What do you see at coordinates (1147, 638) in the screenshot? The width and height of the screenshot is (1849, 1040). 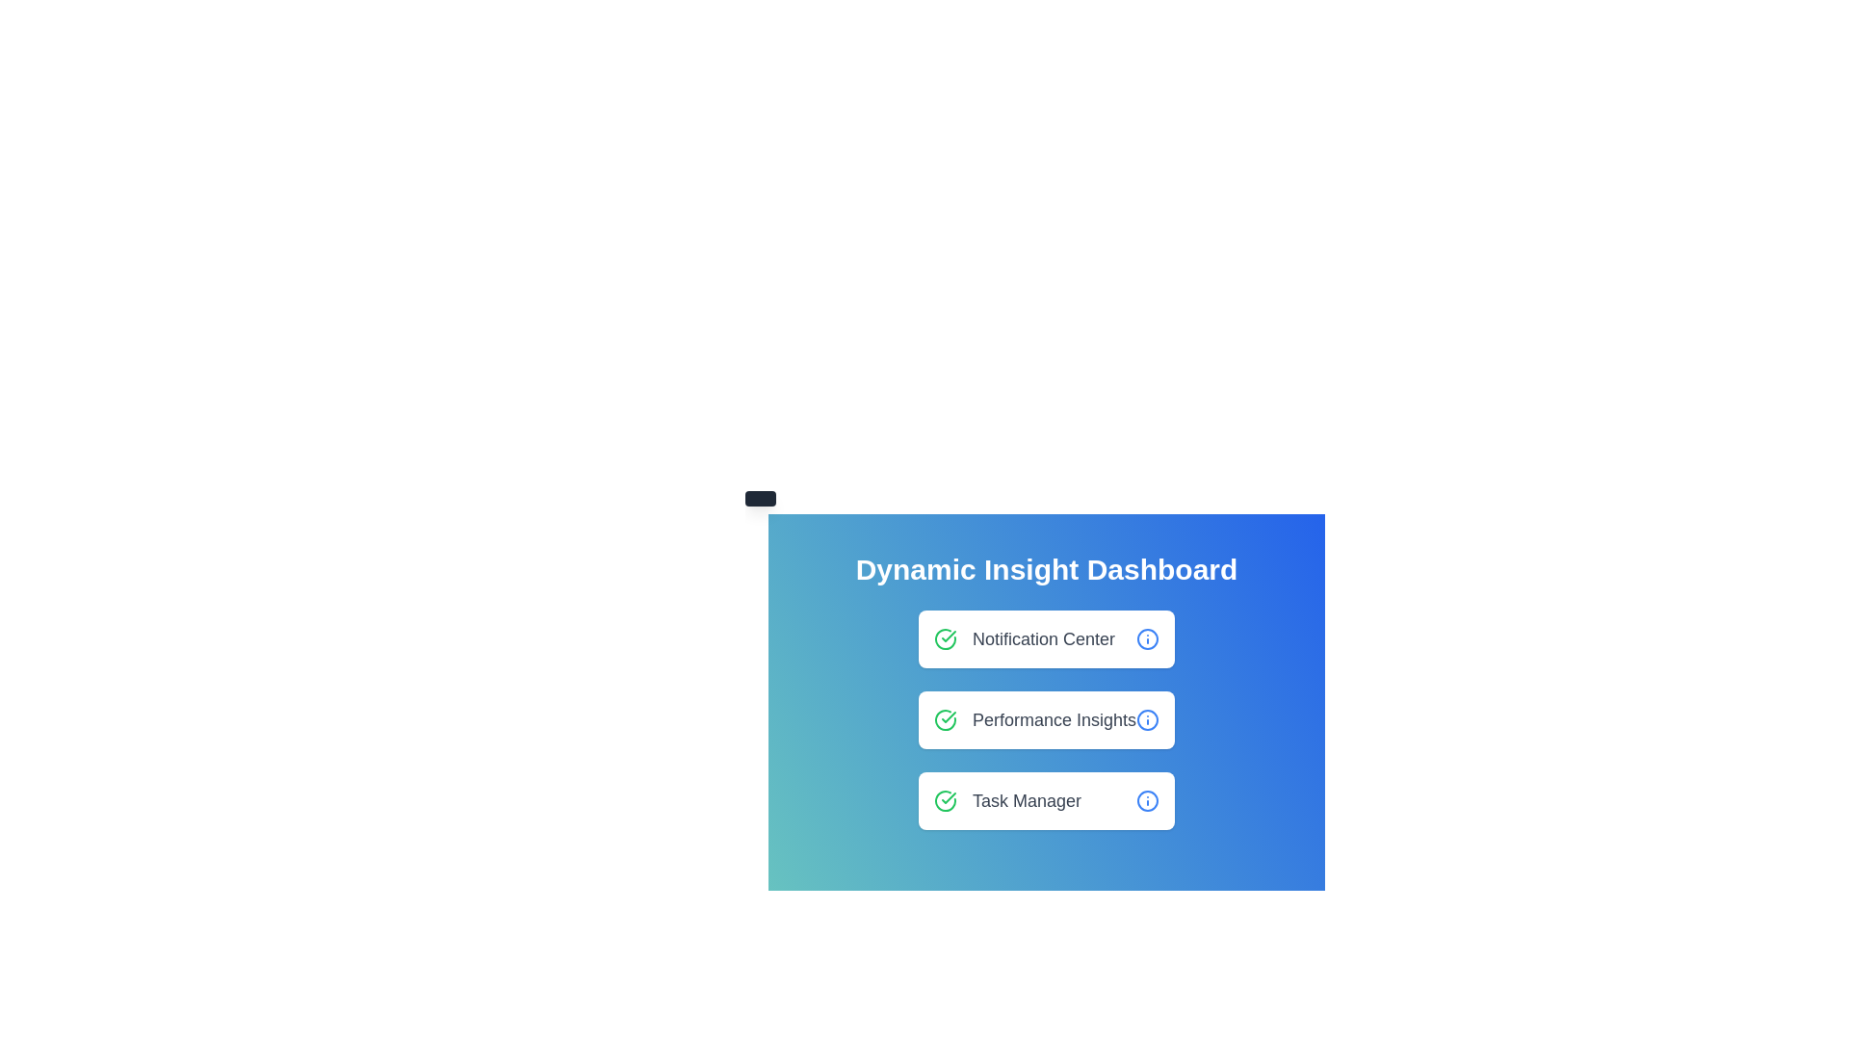 I see `the Circular SVG graphical element with a blue outline and white fill located within the Performance Insights button` at bounding box center [1147, 638].